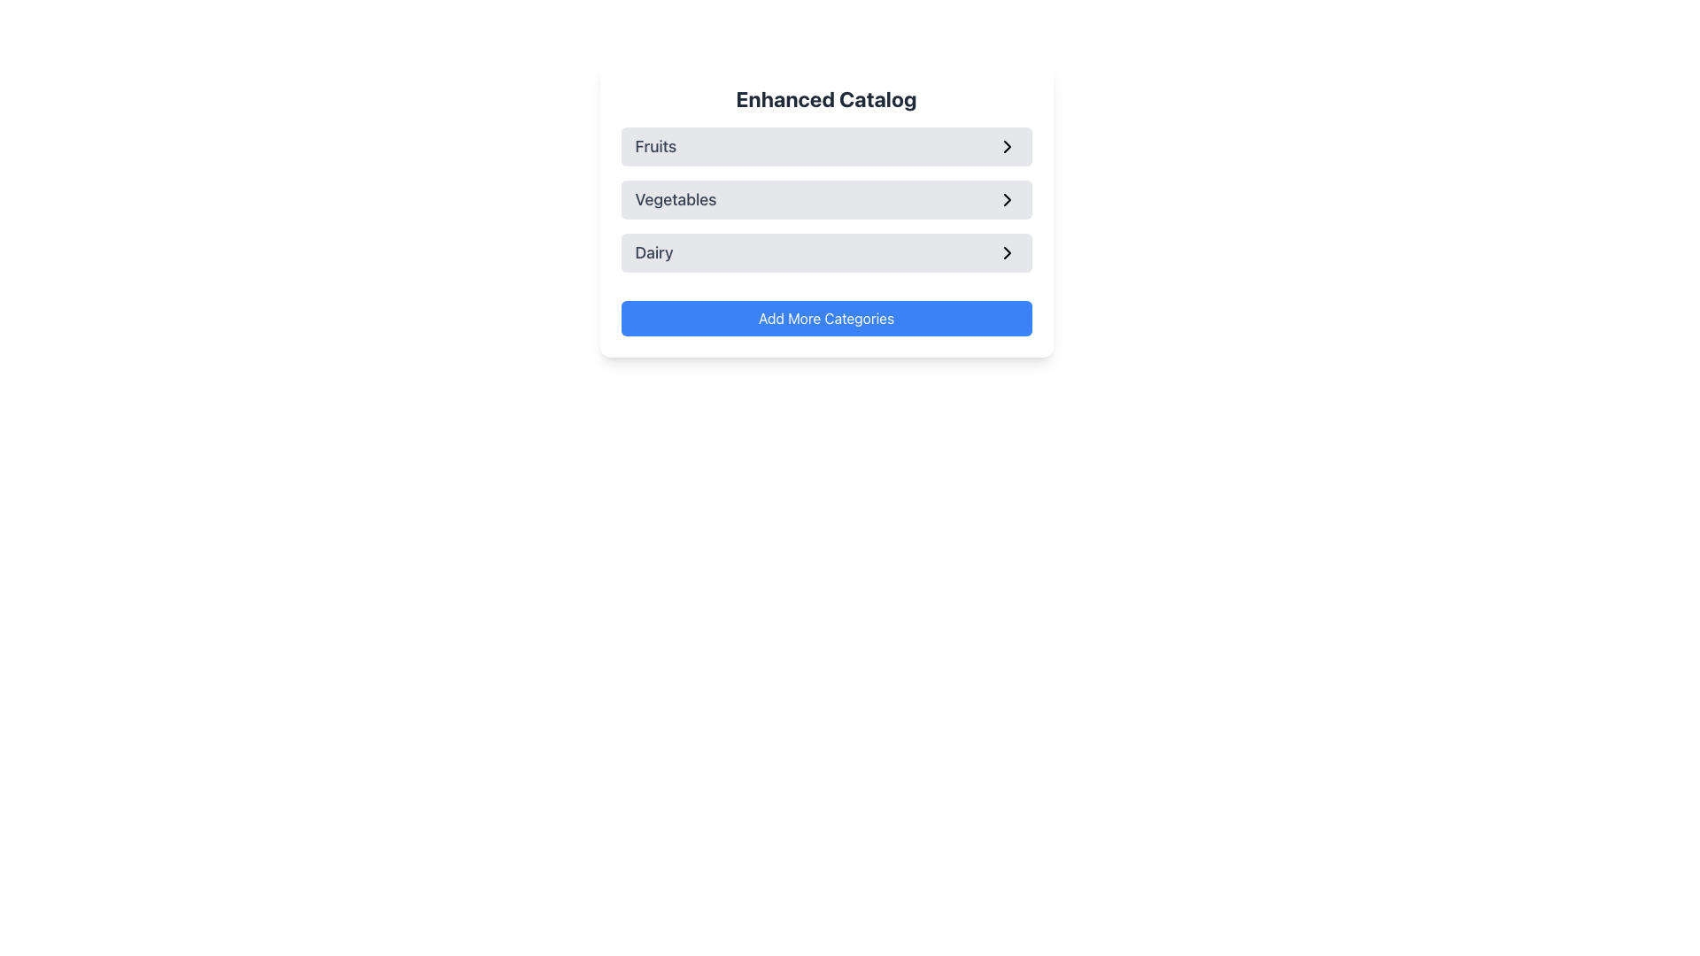 The width and height of the screenshot is (1700, 956). Describe the element at coordinates (1007, 252) in the screenshot. I see `the rightward-pointing chevron icon located at the far-right end of the 'Dairy' row, which is the third item in a vertical list of categories` at that location.